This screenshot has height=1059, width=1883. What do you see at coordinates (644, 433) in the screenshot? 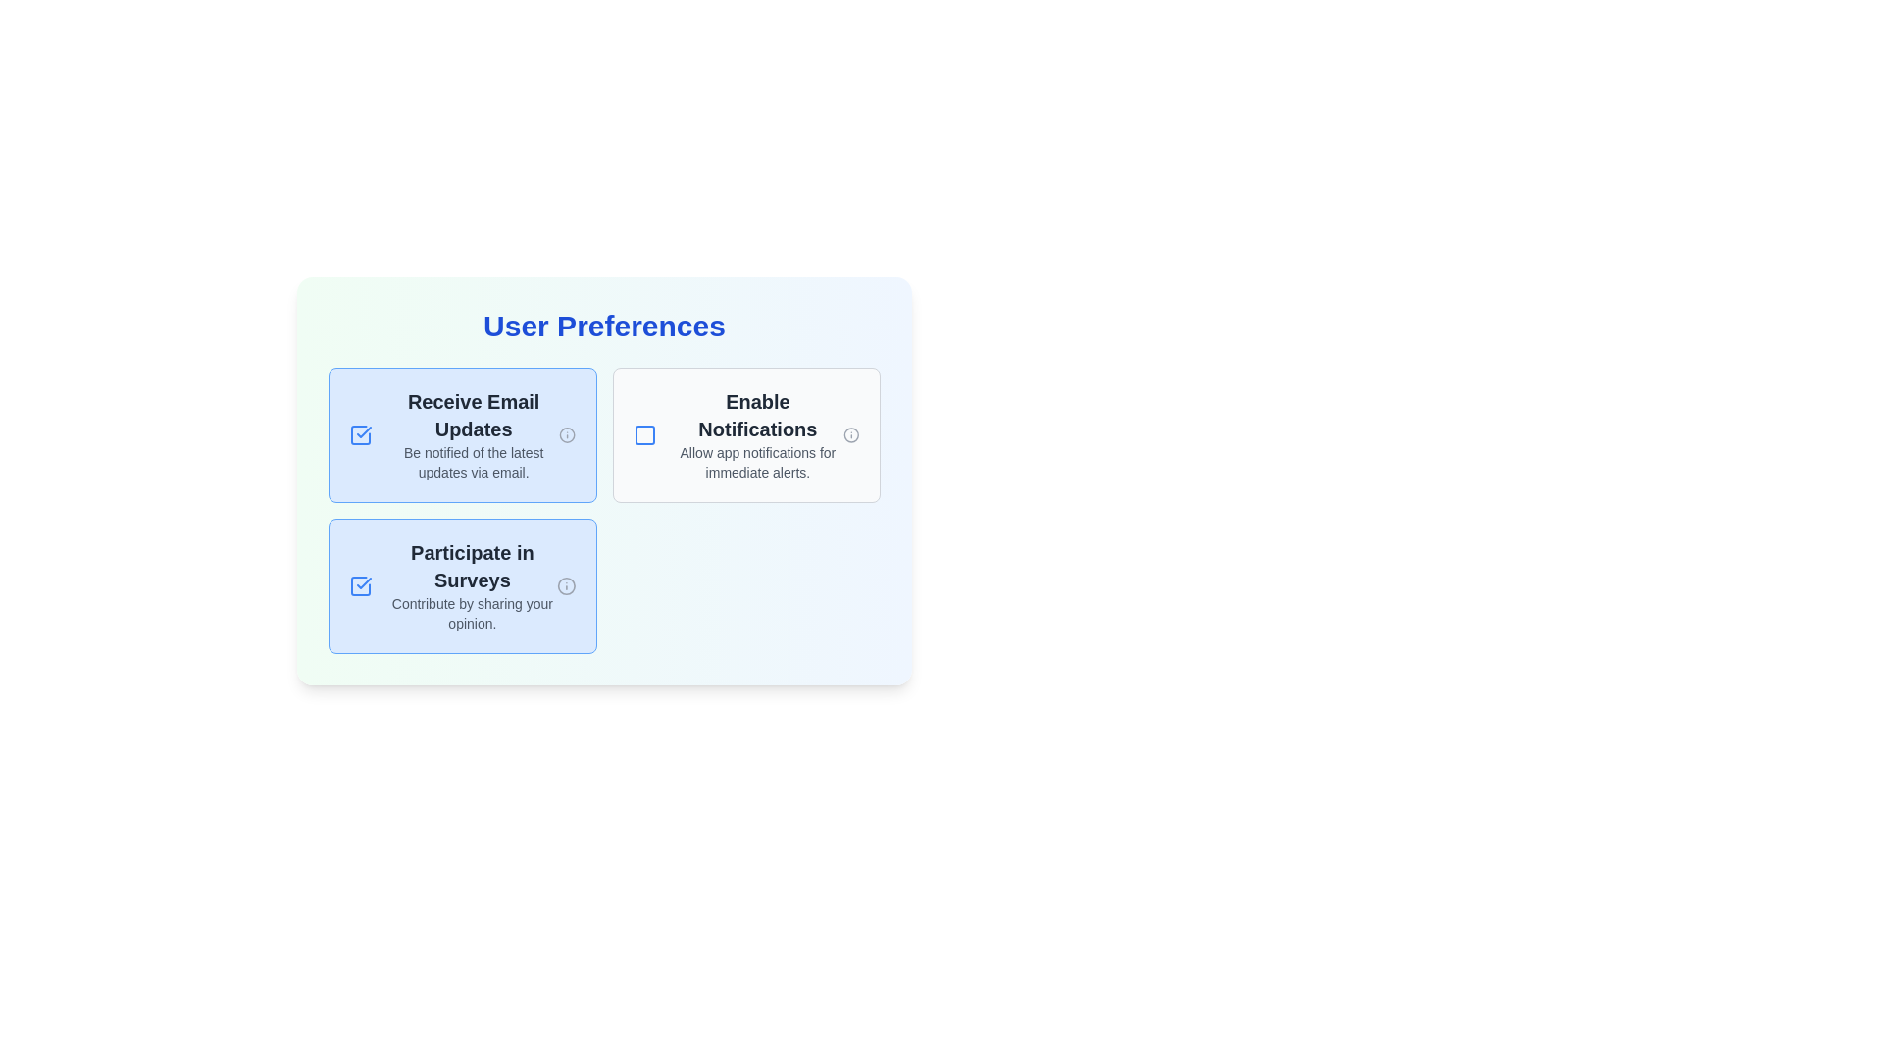
I see `the icon representing the 'Enable Notifications' preference located next to the title text 'Enable Notifications' in the top-right quadrant of the grid layout` at bounding box center [644, 433].